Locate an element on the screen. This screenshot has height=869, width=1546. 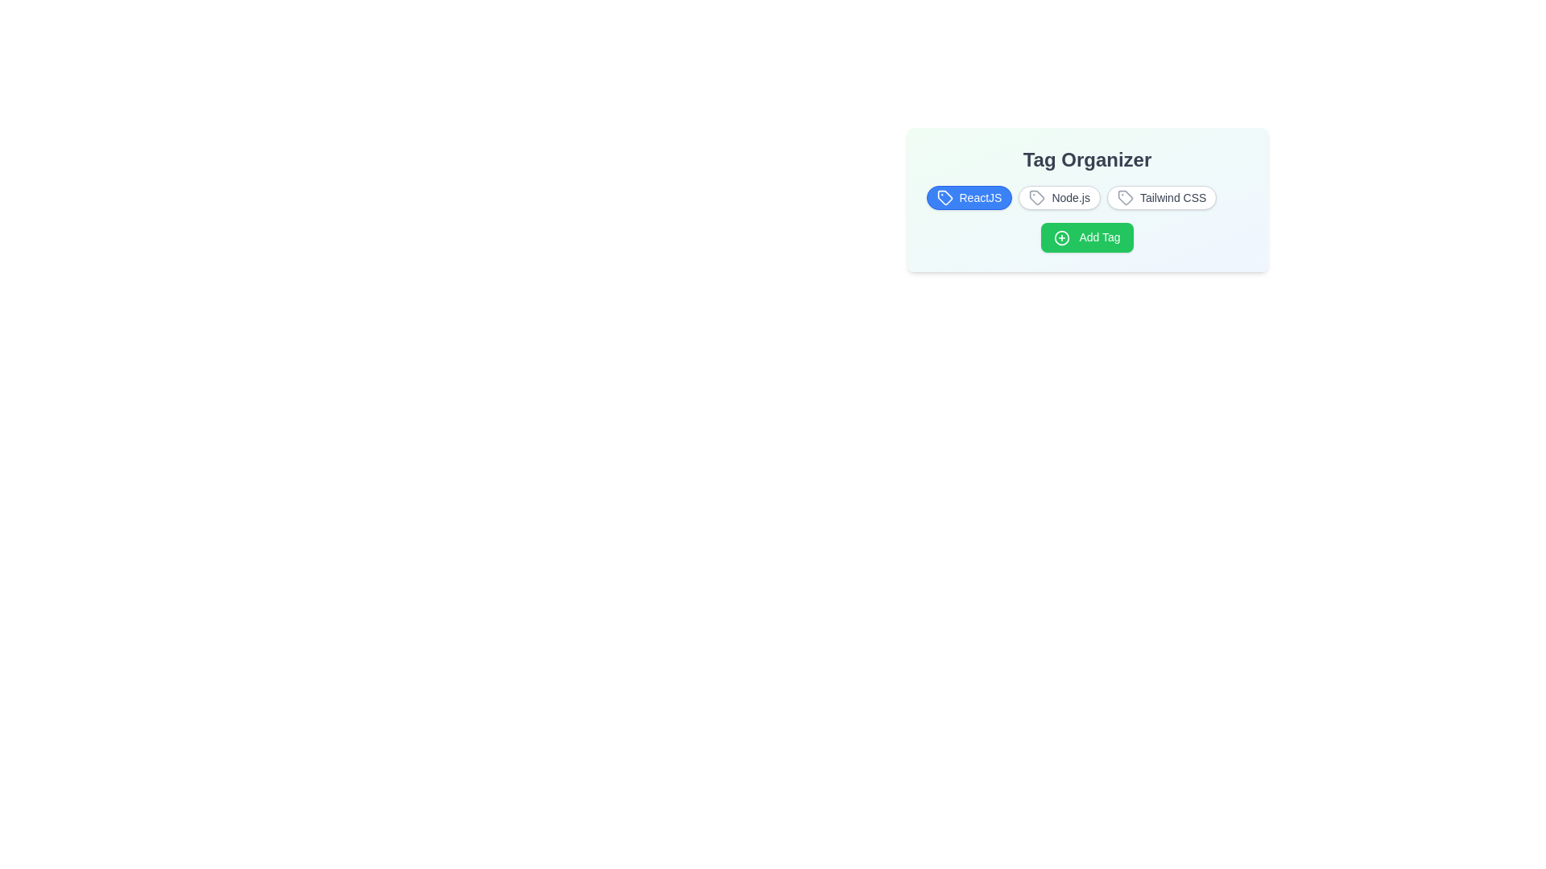
the tag ReactJS is located at coordinates (969, 197).